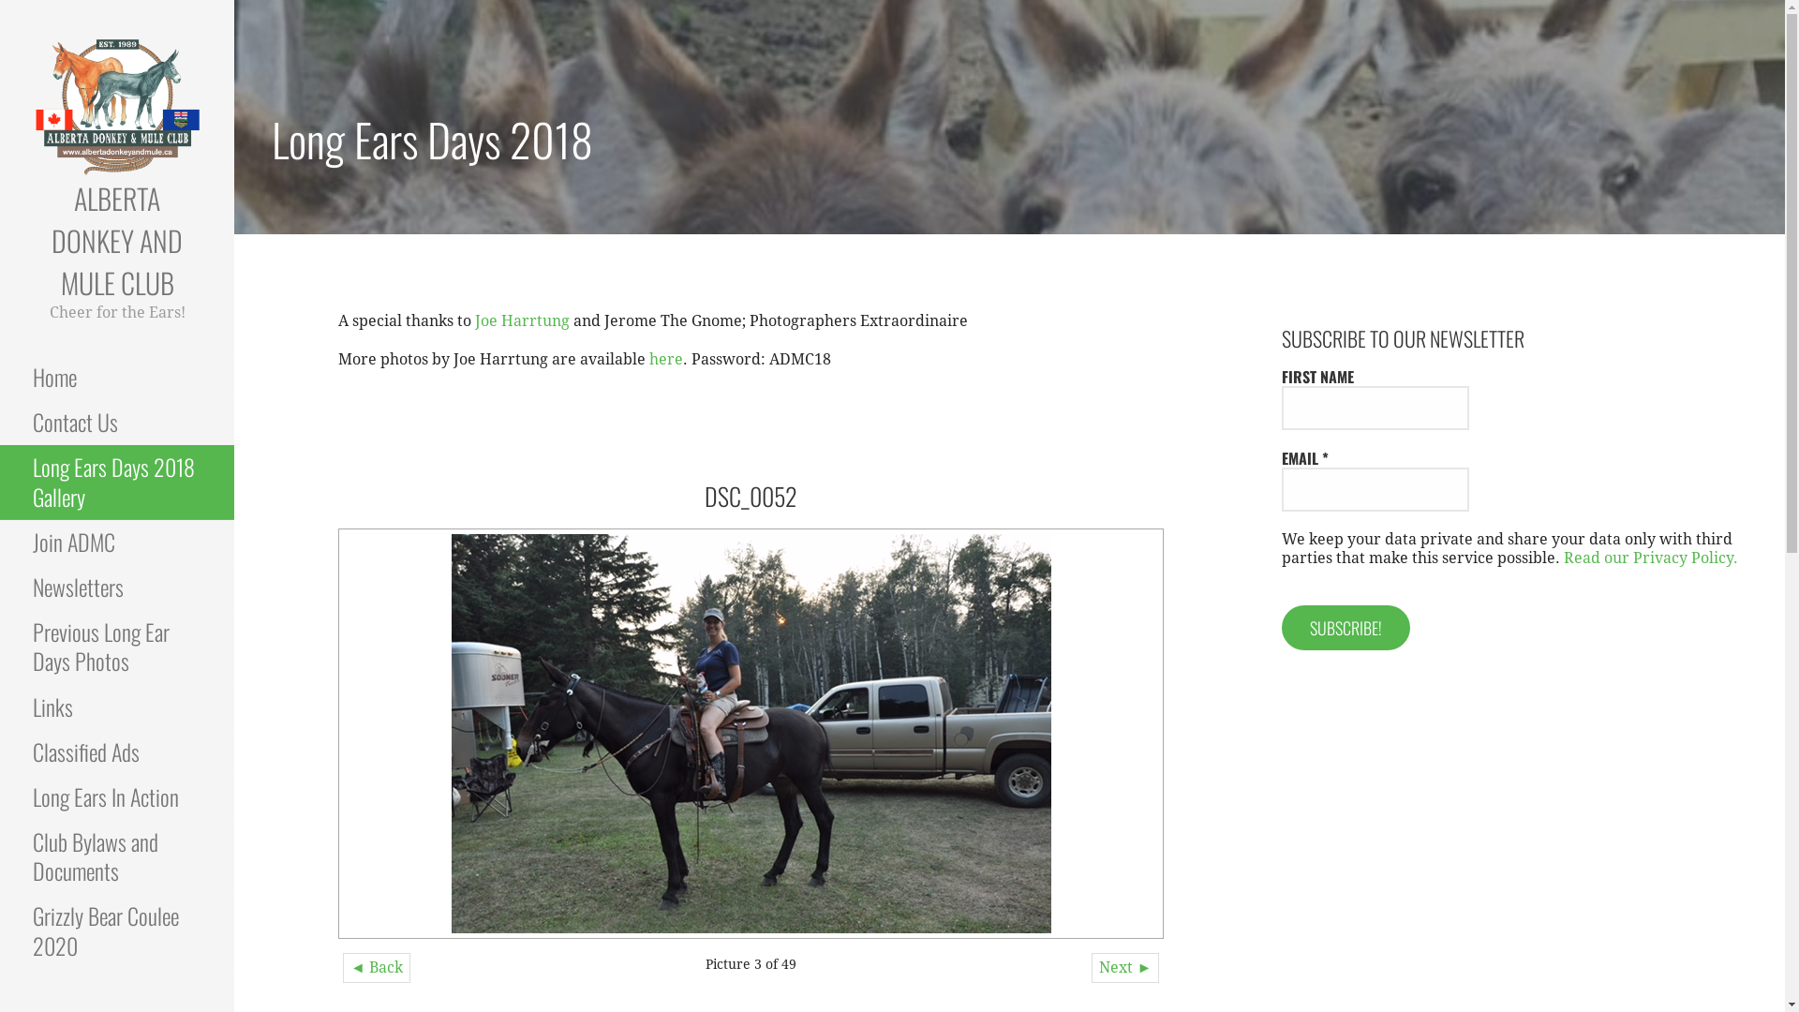 The height and width of the screenshot is (1012, 1799). I want to click on 'Long Ears In Action', so click(115, 797).